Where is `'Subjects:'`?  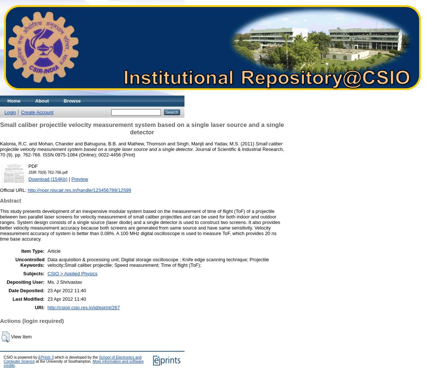
'Subjects:' is located at coordinates (33, 273).